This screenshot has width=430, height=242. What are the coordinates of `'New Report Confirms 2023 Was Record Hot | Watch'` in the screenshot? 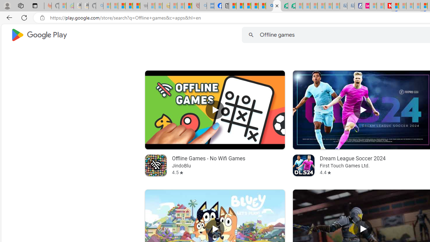 It's located at (136, 6).